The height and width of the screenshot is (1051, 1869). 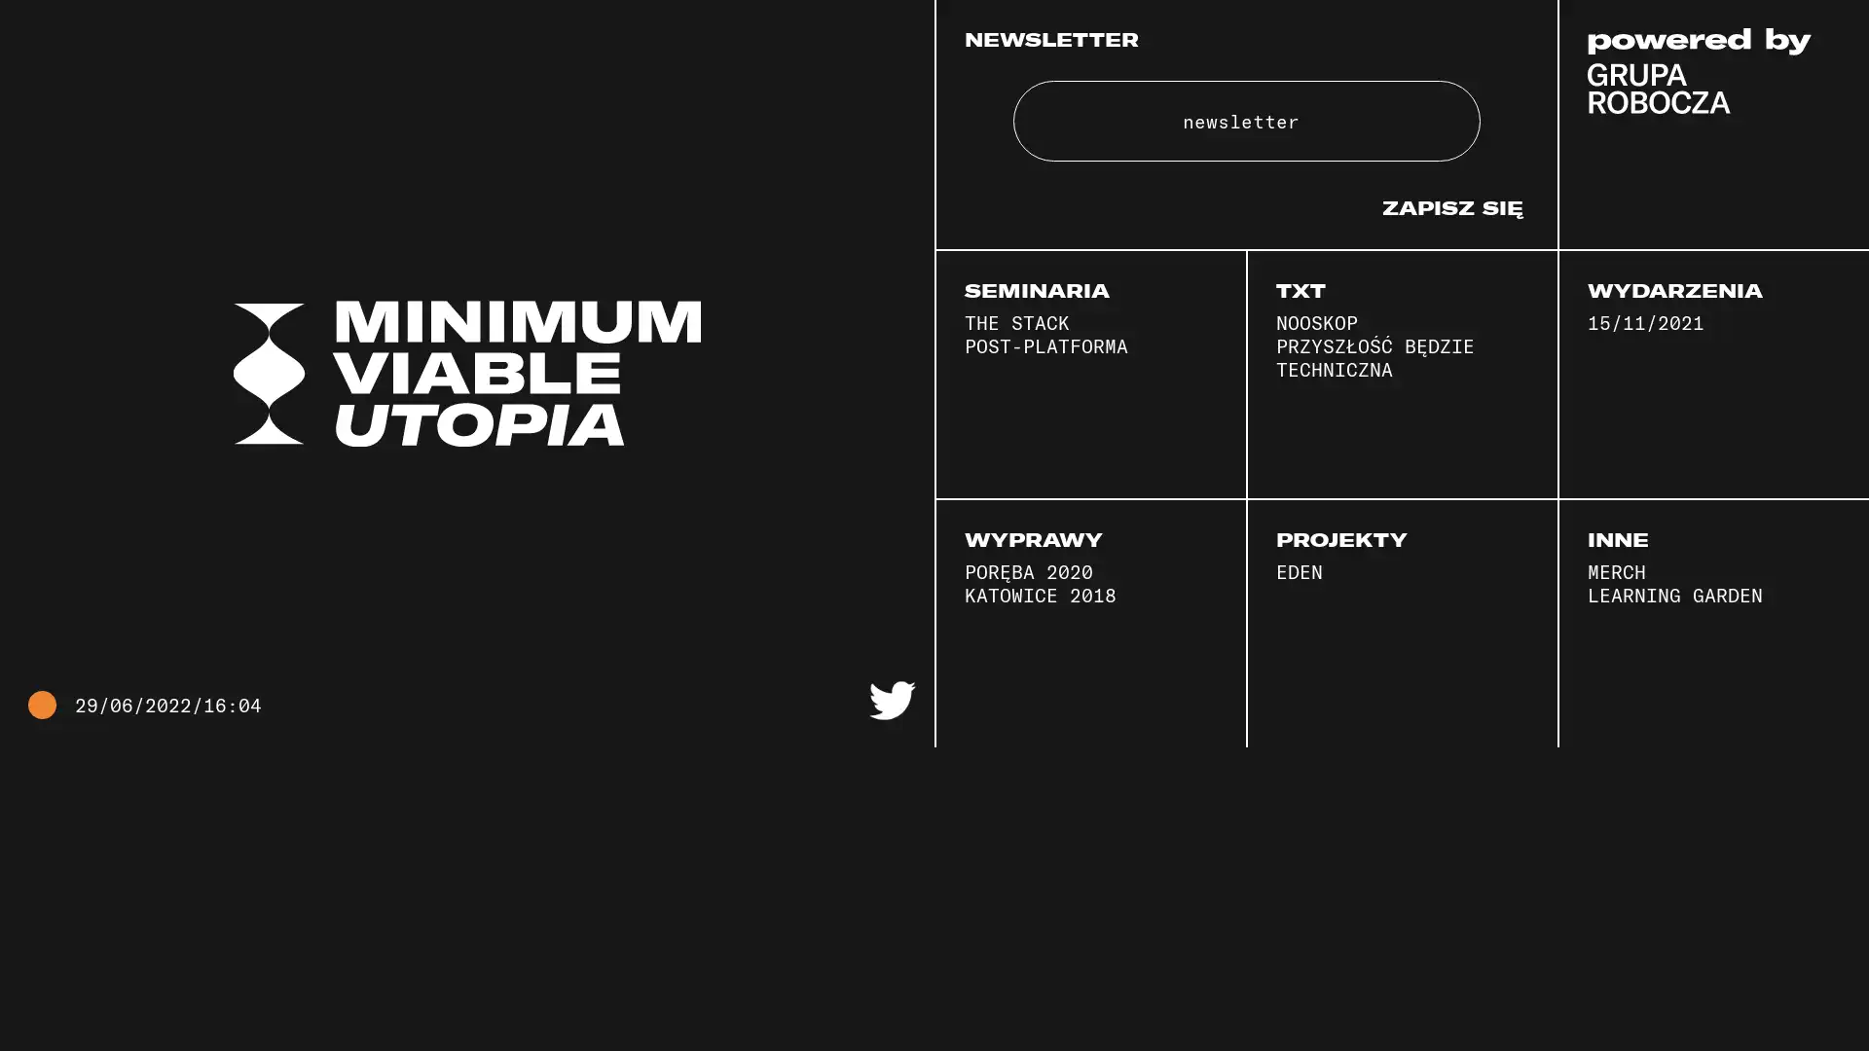 I want to click on ZAPISZ SIE, so click(x=1452, y=308).